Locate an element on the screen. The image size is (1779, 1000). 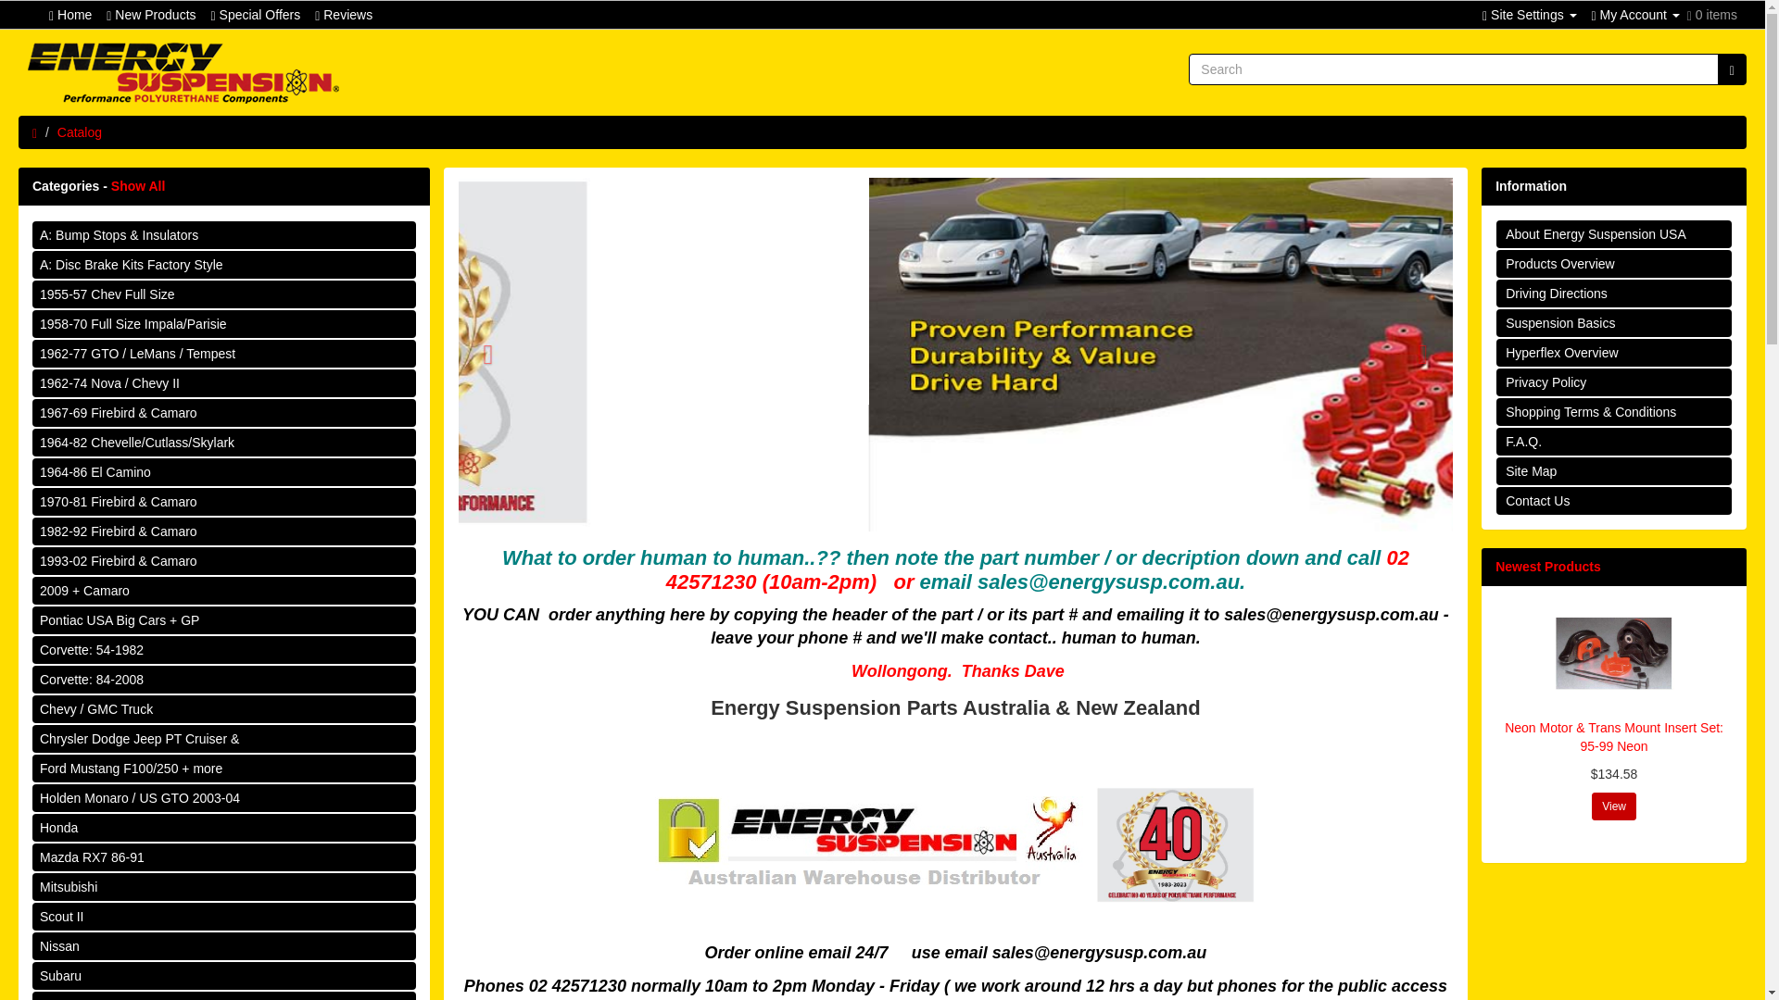
'Site Map' is located at coordinates (1613, 470).